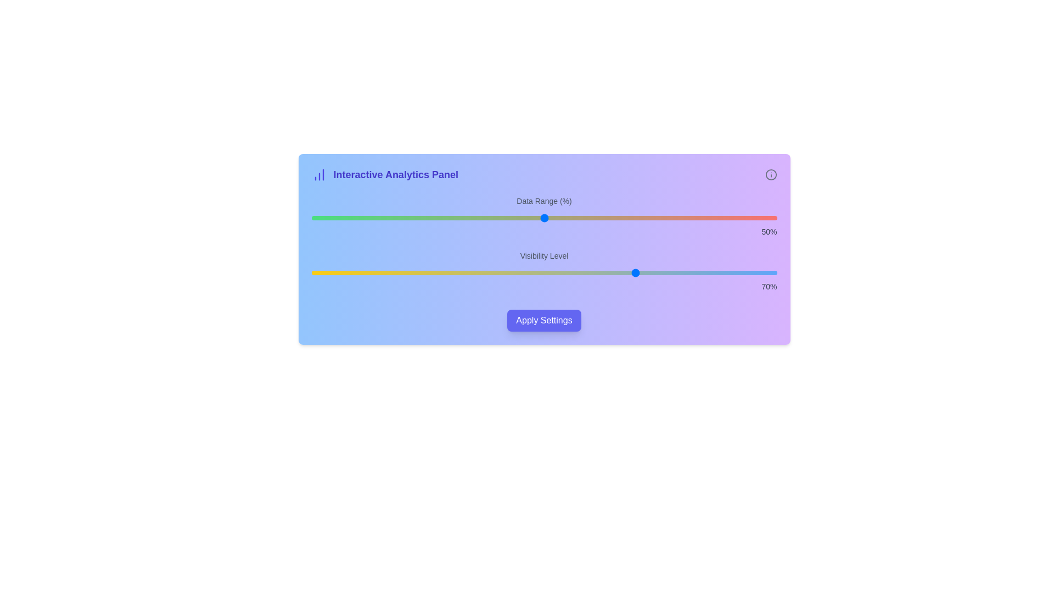 This screenshot has height=592, width=1054. Describe the element at coordinates (418, 272) in the screenshot. I see `the 'Visibility Level' slider to set its value to 23%` at that location.